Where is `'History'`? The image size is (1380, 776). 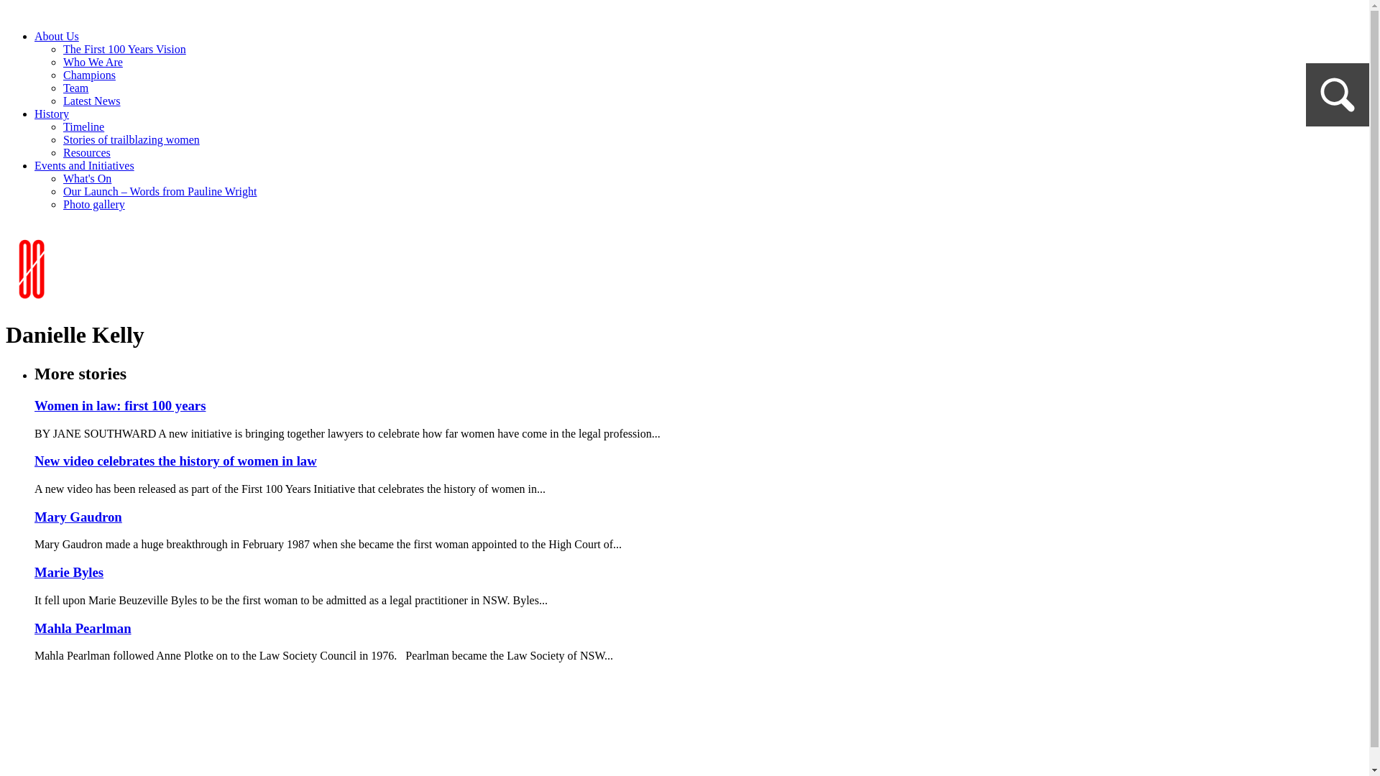
'History' is located at coordinates (52, 113).